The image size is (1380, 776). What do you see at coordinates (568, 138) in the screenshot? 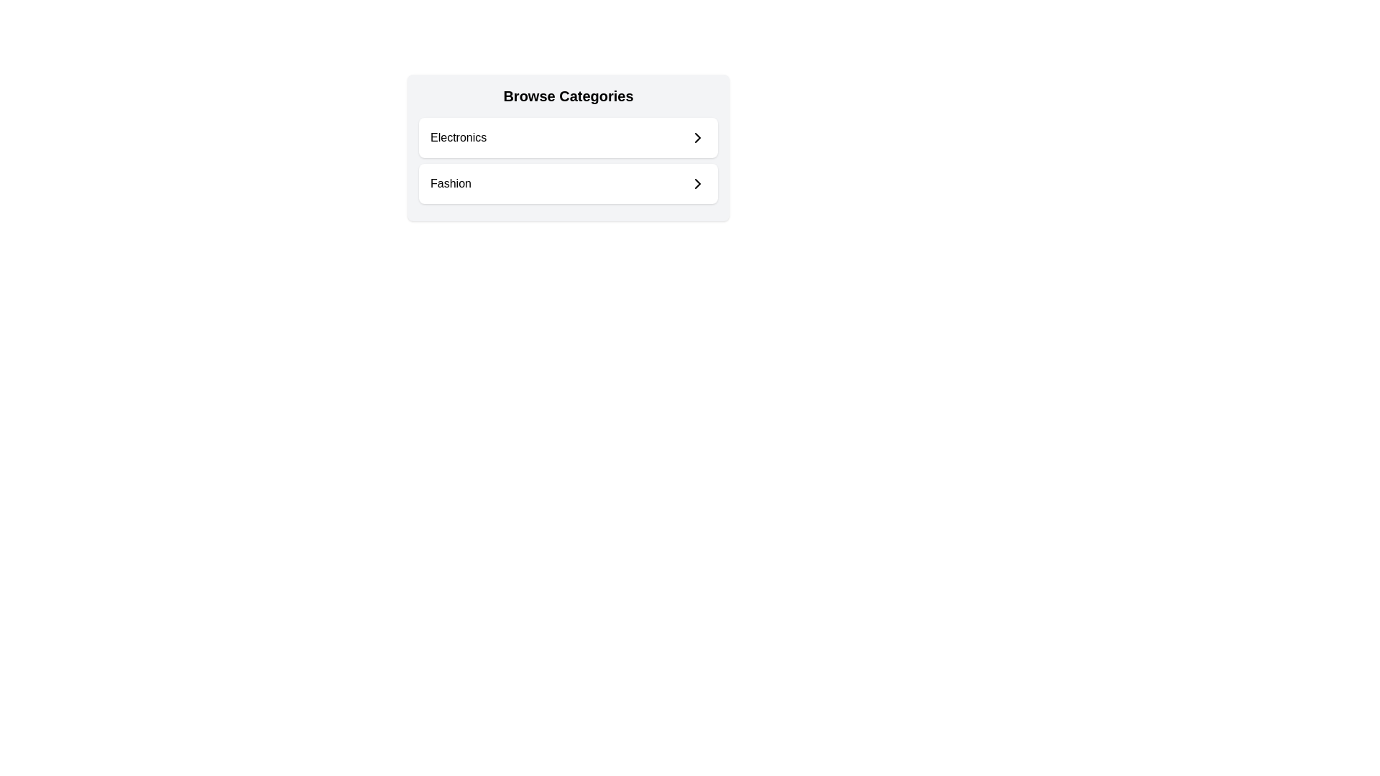
I see `the 'Electronics' option item in the vertical list` at bounding box center [568, 138].